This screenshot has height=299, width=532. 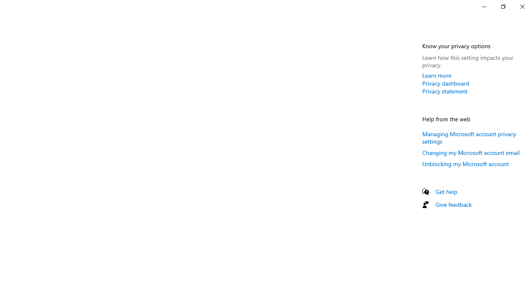 What do you see at coordinates (445, 83) in the screenshot?
I see `'Privacy dashboard'` at bounding box center [445, 83].